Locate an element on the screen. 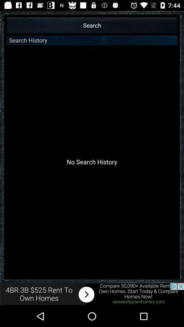  advertising is located at coordinates (92, 294).